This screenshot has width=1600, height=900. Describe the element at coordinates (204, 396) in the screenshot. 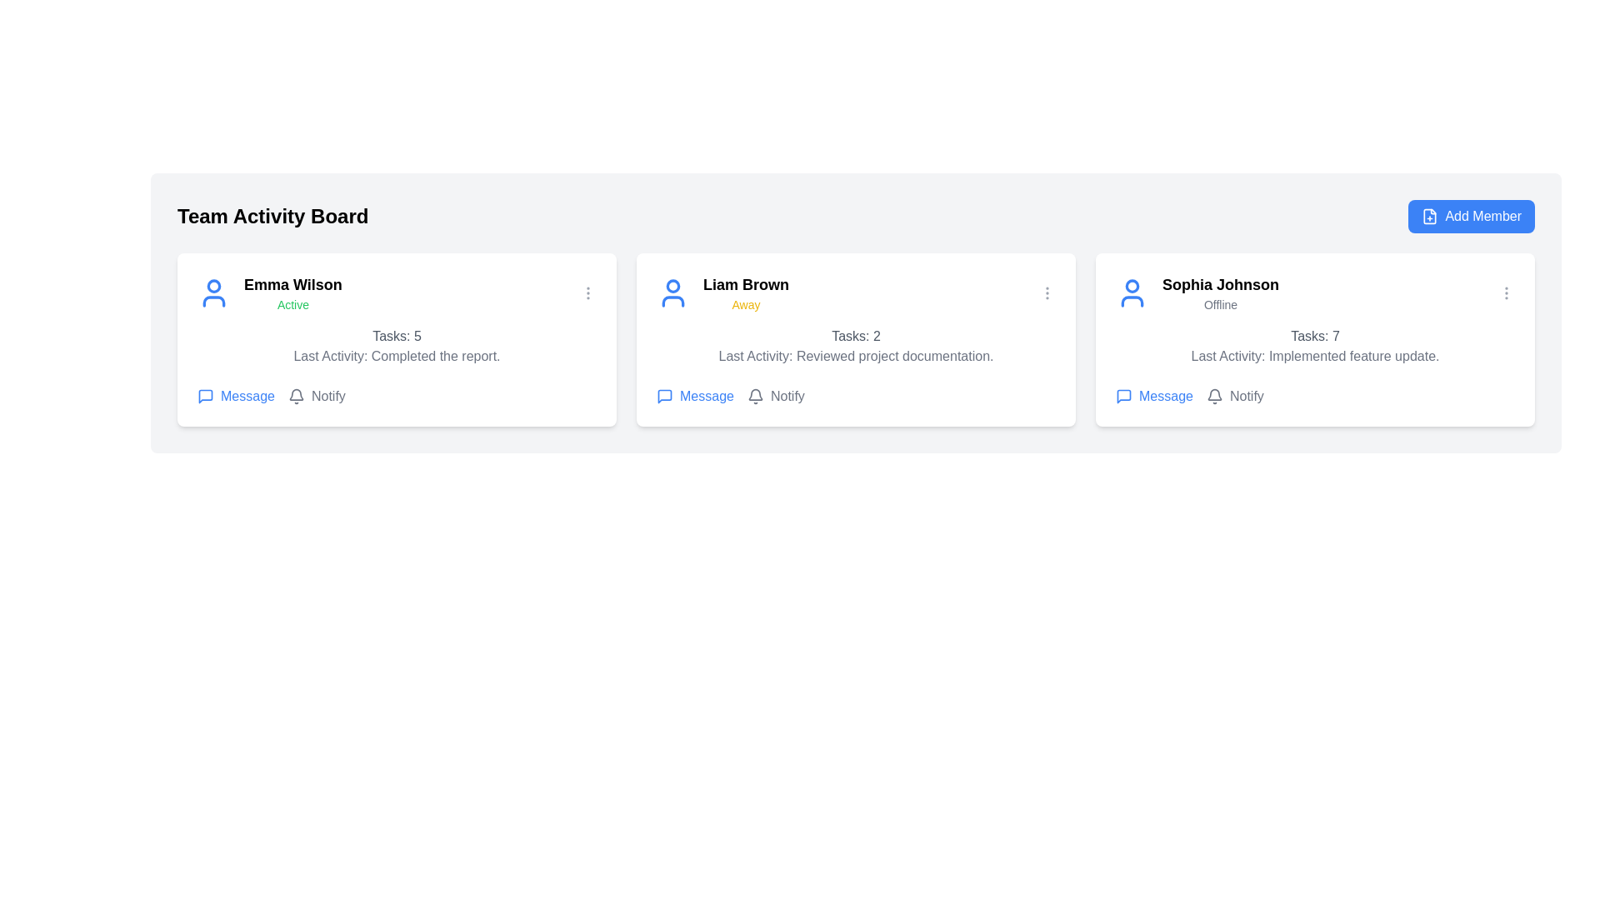

I see `the message icon located to the immediate left of the text label 'Message' in the first card for user 'Emma Wilson' on the Team Activity Board` at that location.